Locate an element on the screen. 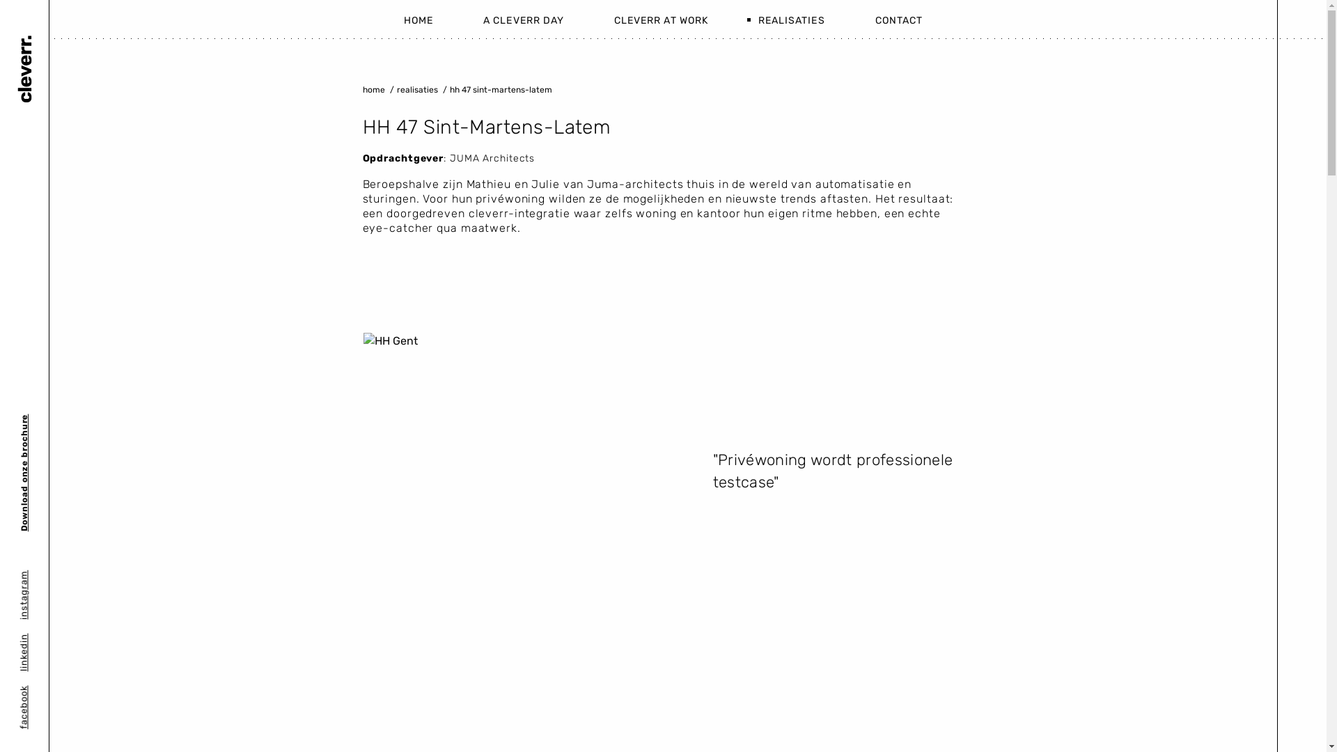  'home' is located at coordinates (373, 89).